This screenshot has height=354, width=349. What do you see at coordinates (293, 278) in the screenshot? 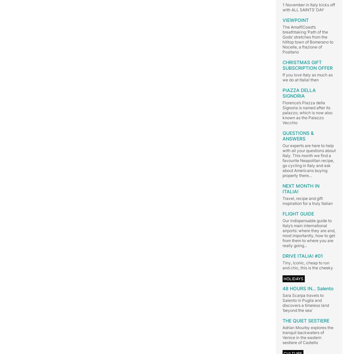
I see `'HOLIDAYS'` at bounding box center [293, 278].